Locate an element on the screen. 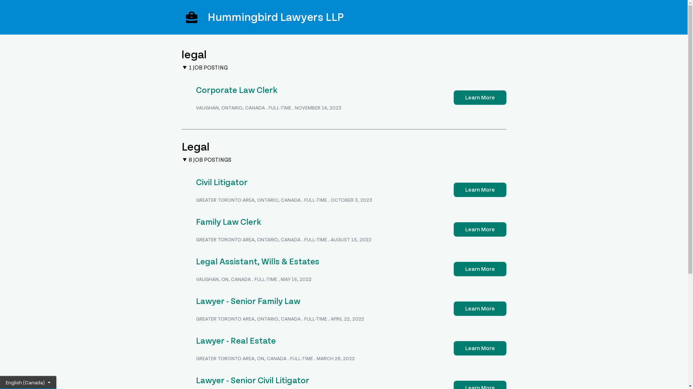 The height and width of the screenshot is (389, 693). 'Lawyer - Senior Civil Litigator' is located at coordinates (252, 380).